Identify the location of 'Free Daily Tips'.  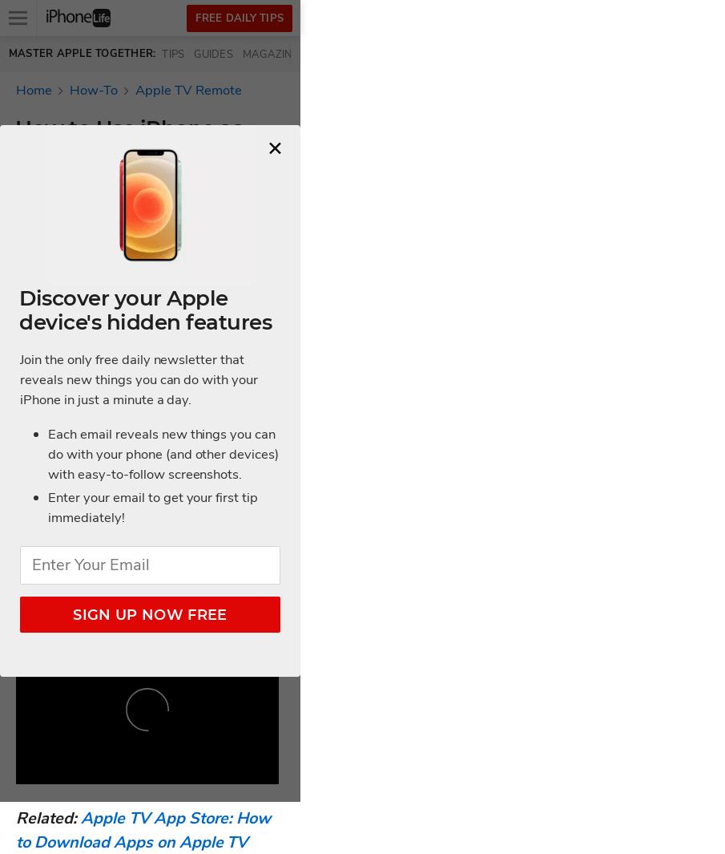
(194, 17).